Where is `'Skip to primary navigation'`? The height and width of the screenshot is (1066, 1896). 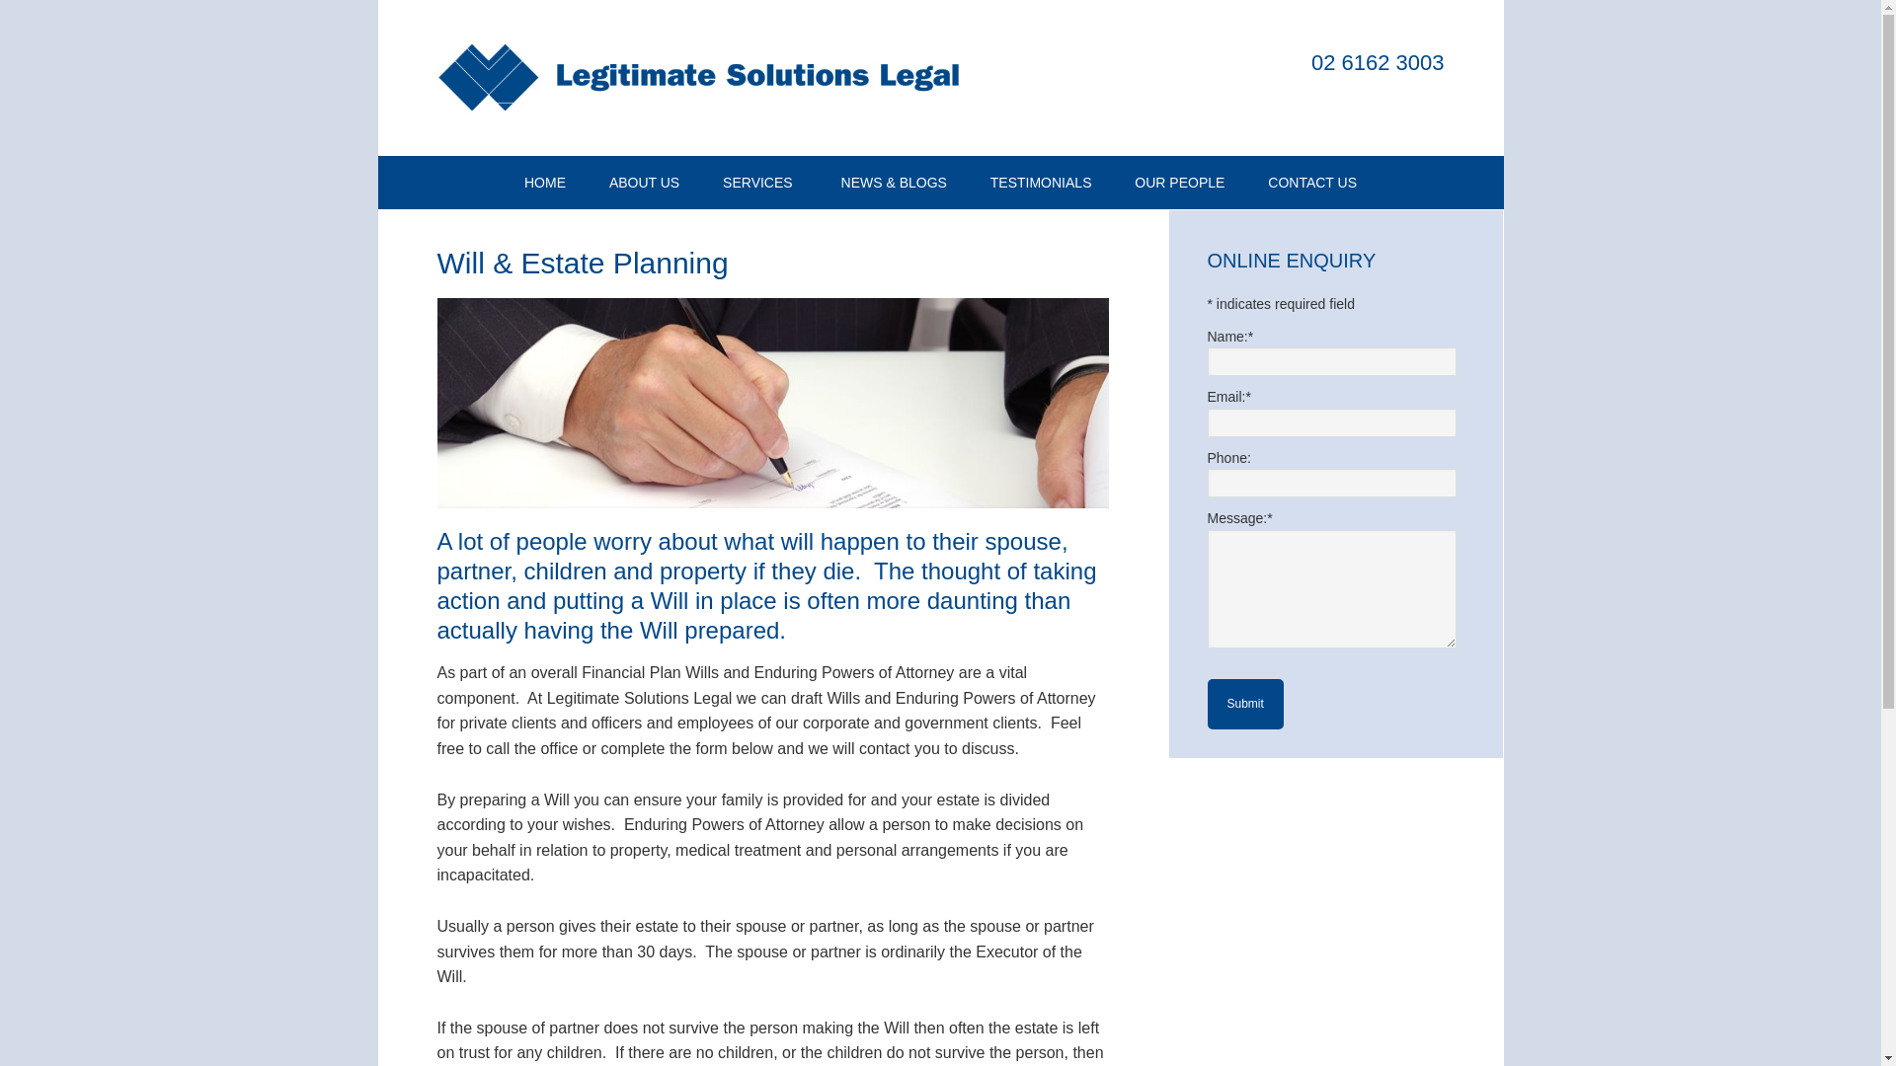 'Skip to primary navigation' is located at coordinates (377, 0).